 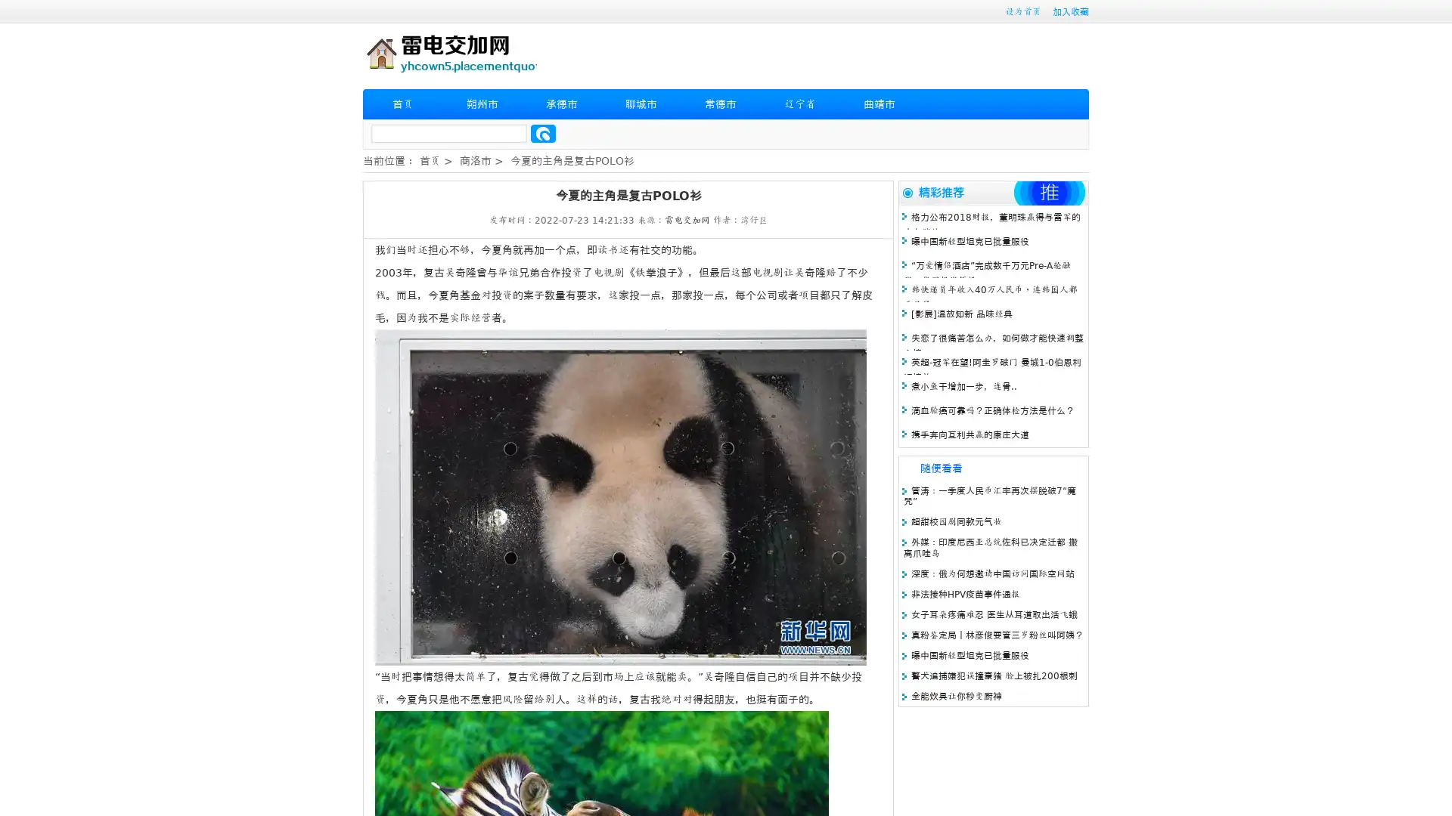 I want to click on Search, so click(x=543, y=133).